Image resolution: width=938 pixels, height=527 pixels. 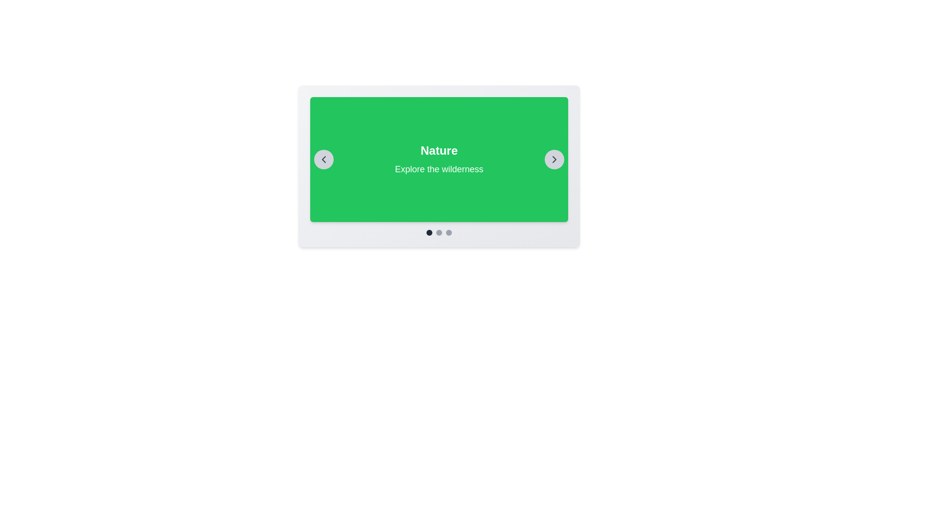 What do you see at coordinates (438, 233) in the screenshot?
I see `the middle circular dot button with a gray background that is part of a group of three dots beneath a green content area` at bounding box center [438, 233].